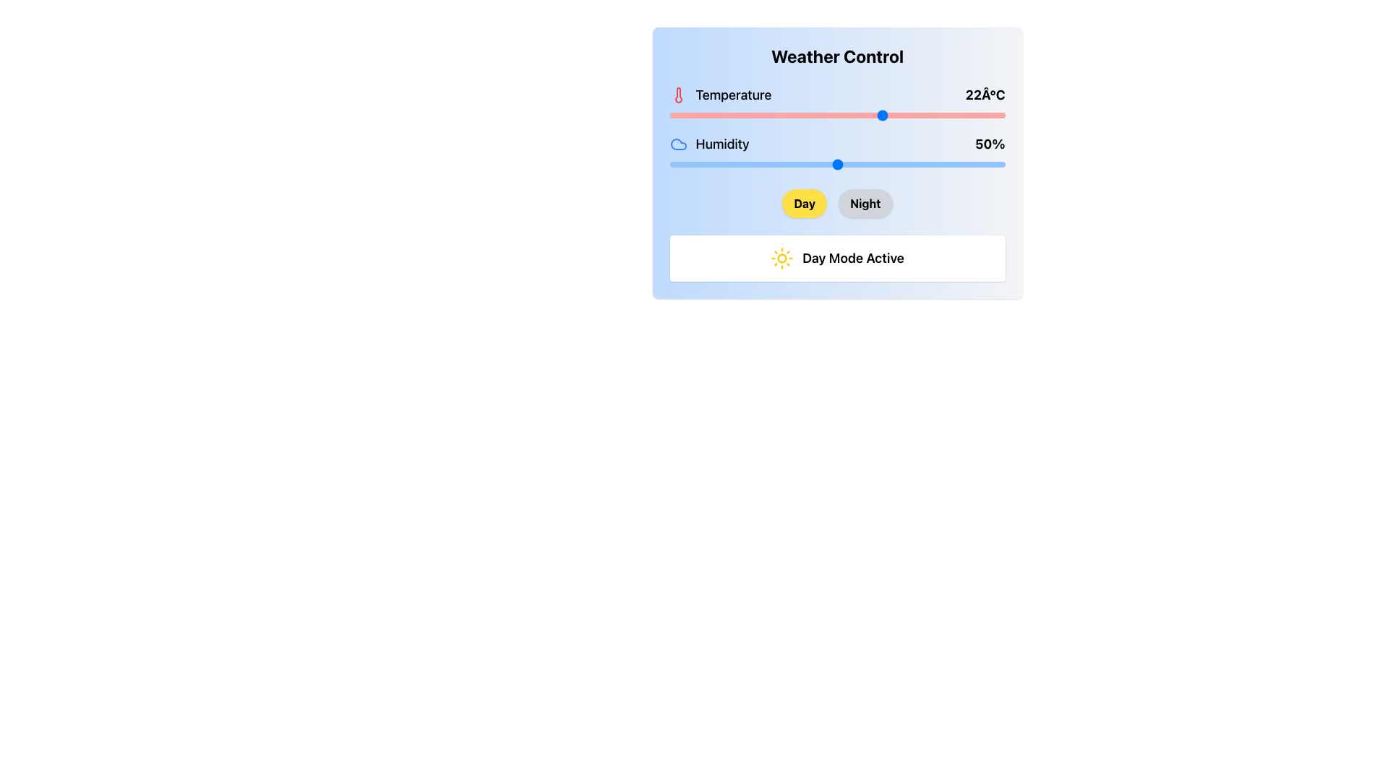  What do you see at coordinates (789, 114) in the screenshot?
I see `the temperature` at bounding box center [789, 114].